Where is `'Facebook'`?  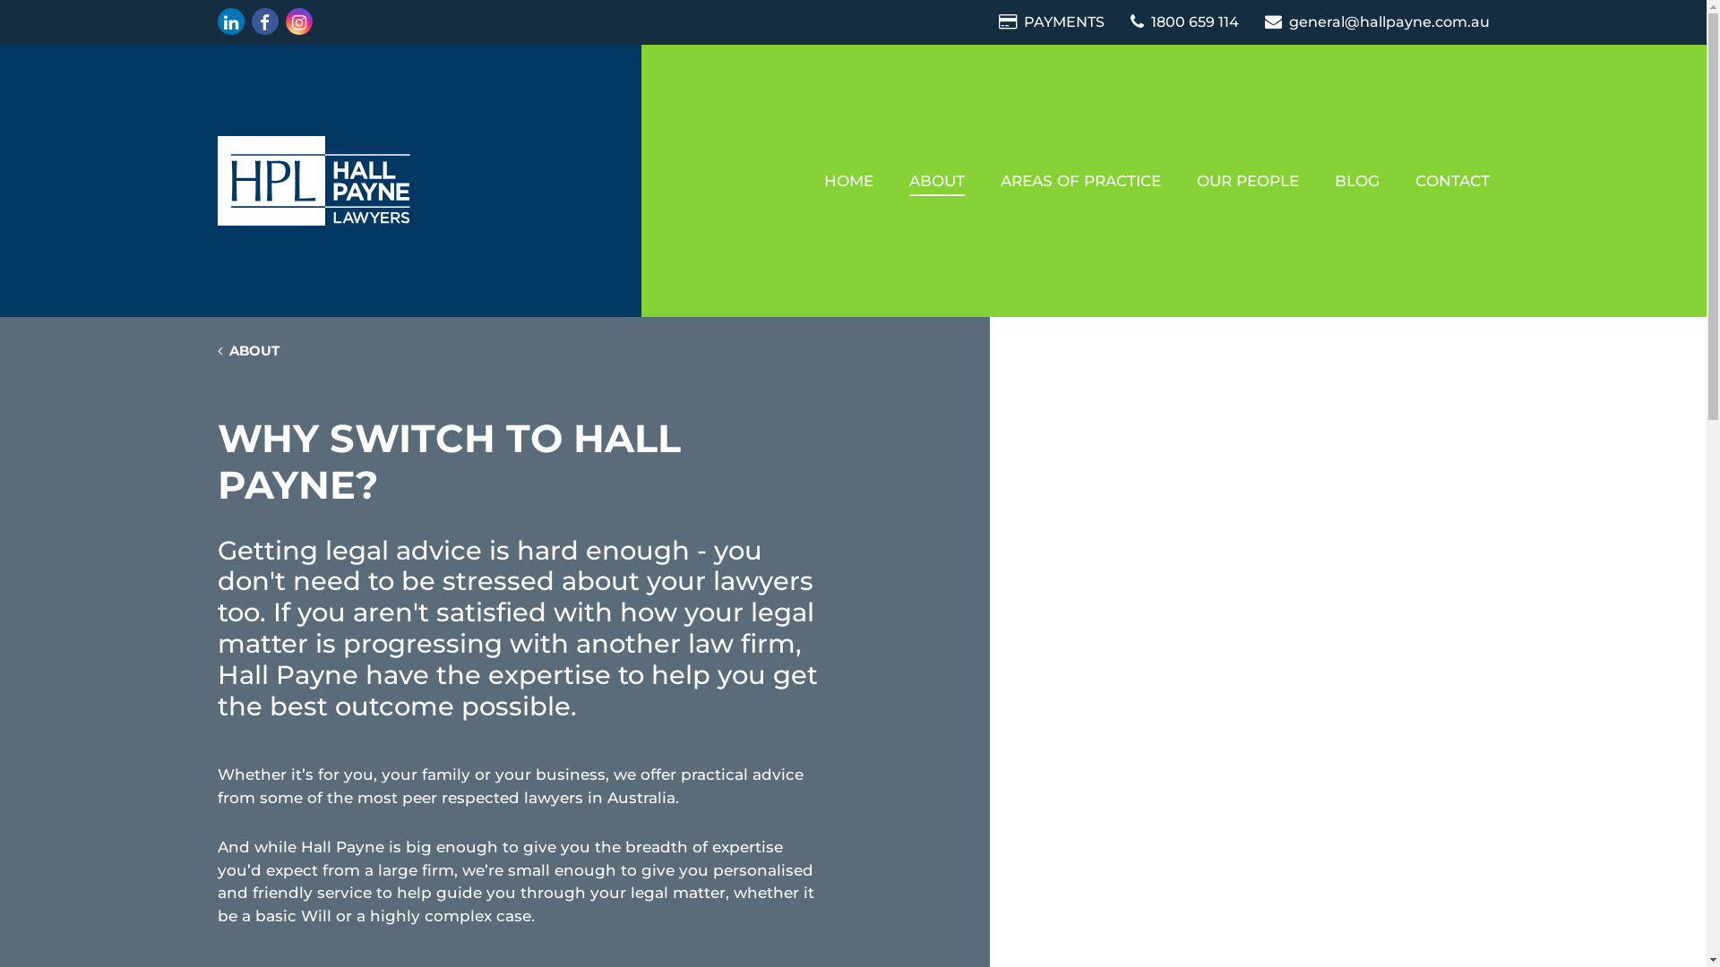 'Facebook' is located at coordinates (262, 21).